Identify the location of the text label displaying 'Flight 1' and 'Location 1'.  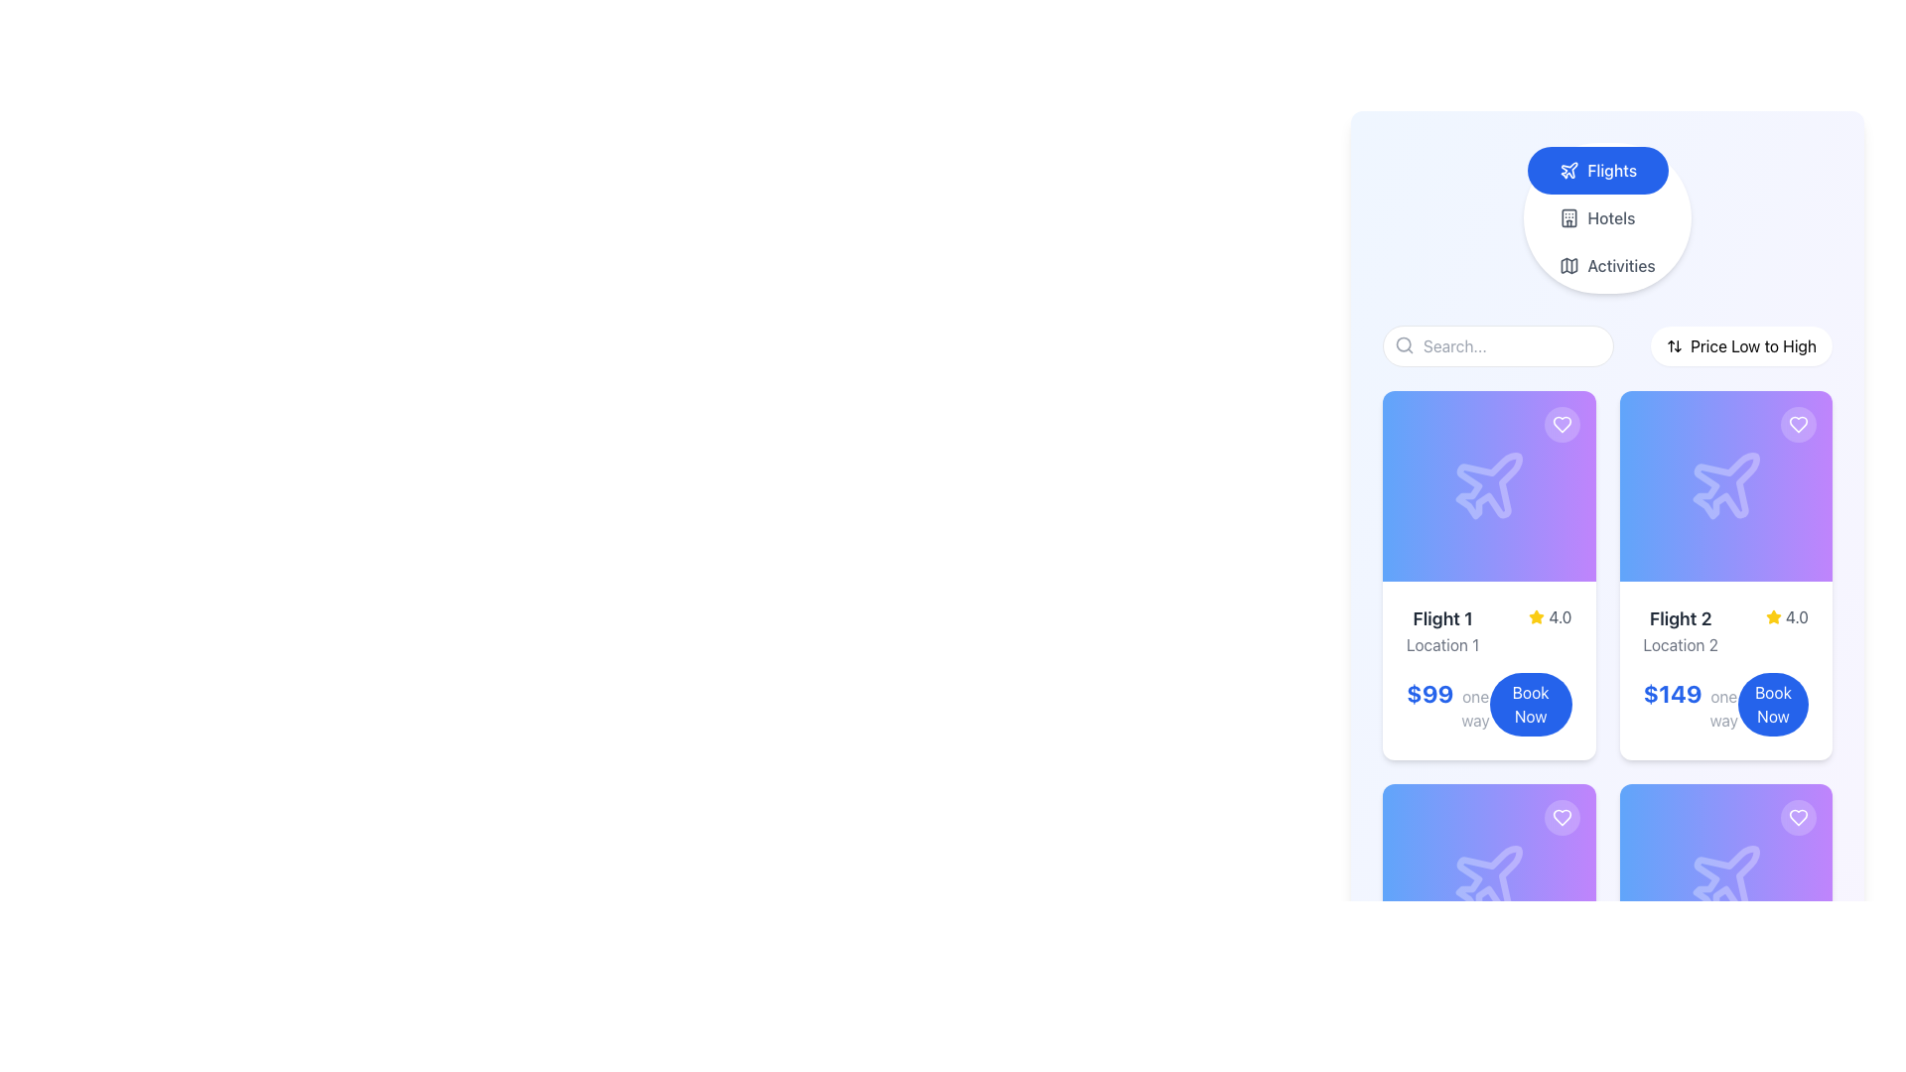
(1442, 631).